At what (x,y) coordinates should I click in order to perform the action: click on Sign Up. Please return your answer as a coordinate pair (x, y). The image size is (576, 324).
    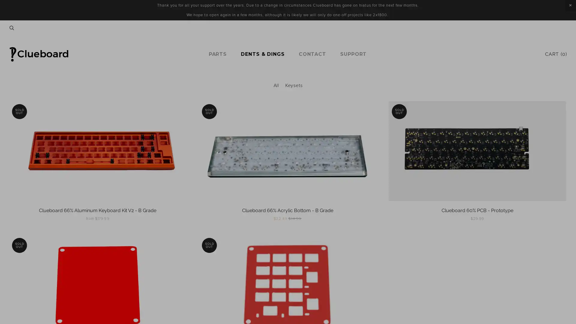
    Looking at the image, I should click on (341, 197).